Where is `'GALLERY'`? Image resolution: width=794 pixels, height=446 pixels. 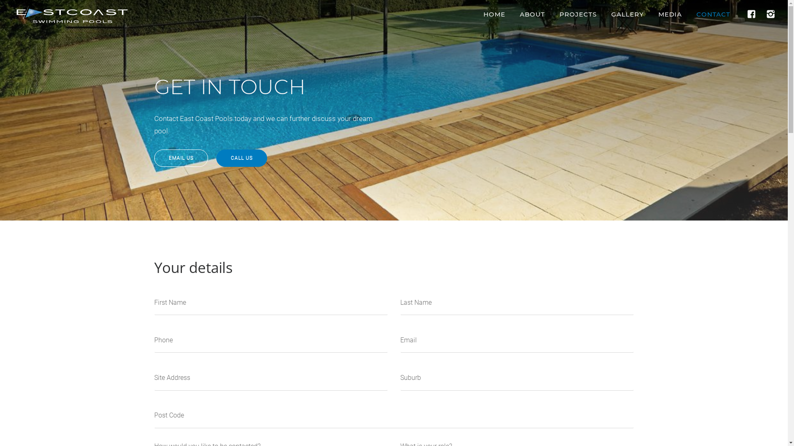
'GALLERY' is located at coordinates (627, 14).